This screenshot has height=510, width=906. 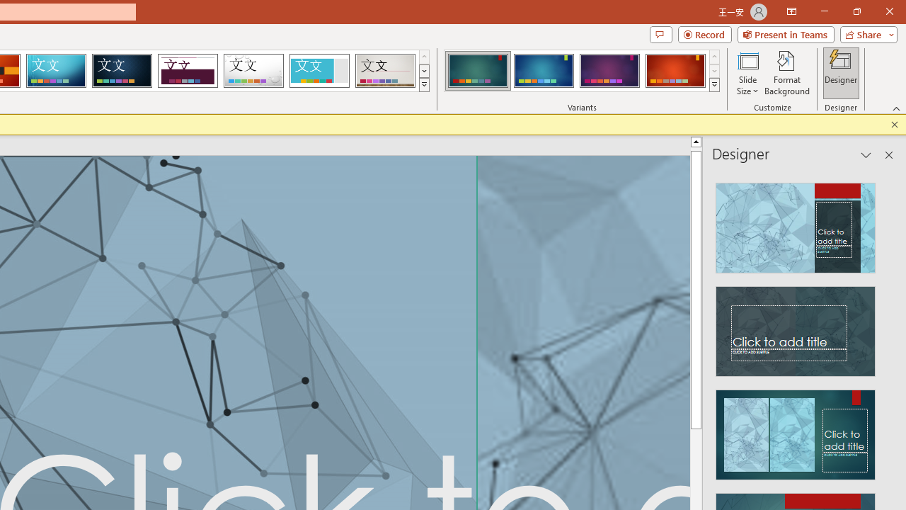 I want to click on 'Ribbon Display Options', so click(x=791, y=11).